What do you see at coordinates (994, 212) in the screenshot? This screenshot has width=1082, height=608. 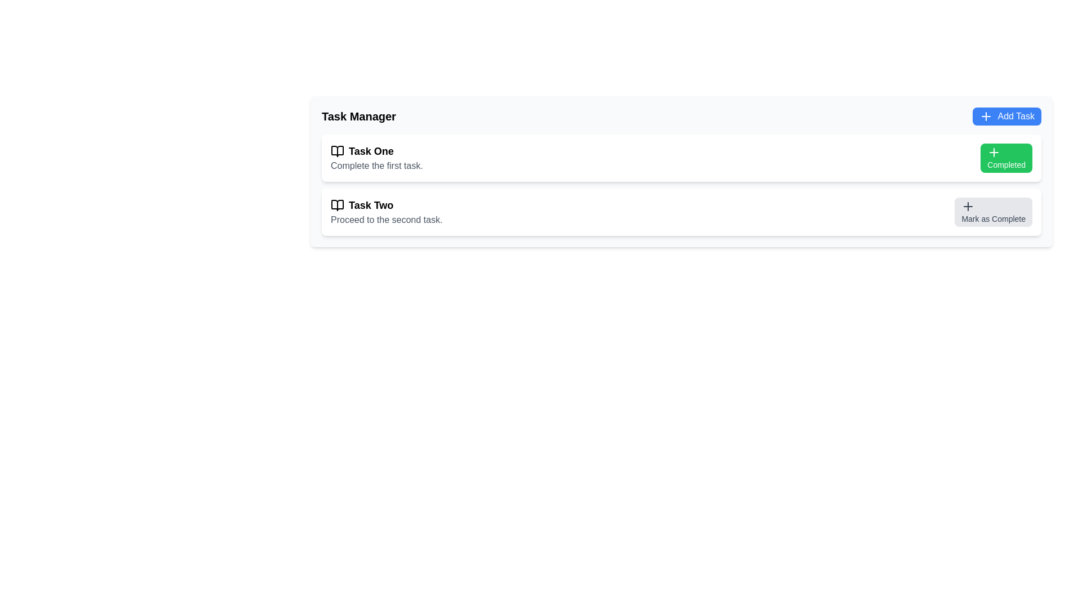 I see `the button used to mark 'Task Two' as completed, enabling keyboard interaction` at bounding box center [994, 212].